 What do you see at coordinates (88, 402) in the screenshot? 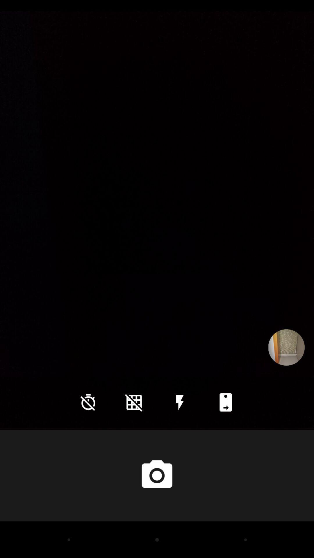
I see `the item at the bottom left corner` at bounding box center [88, 402].